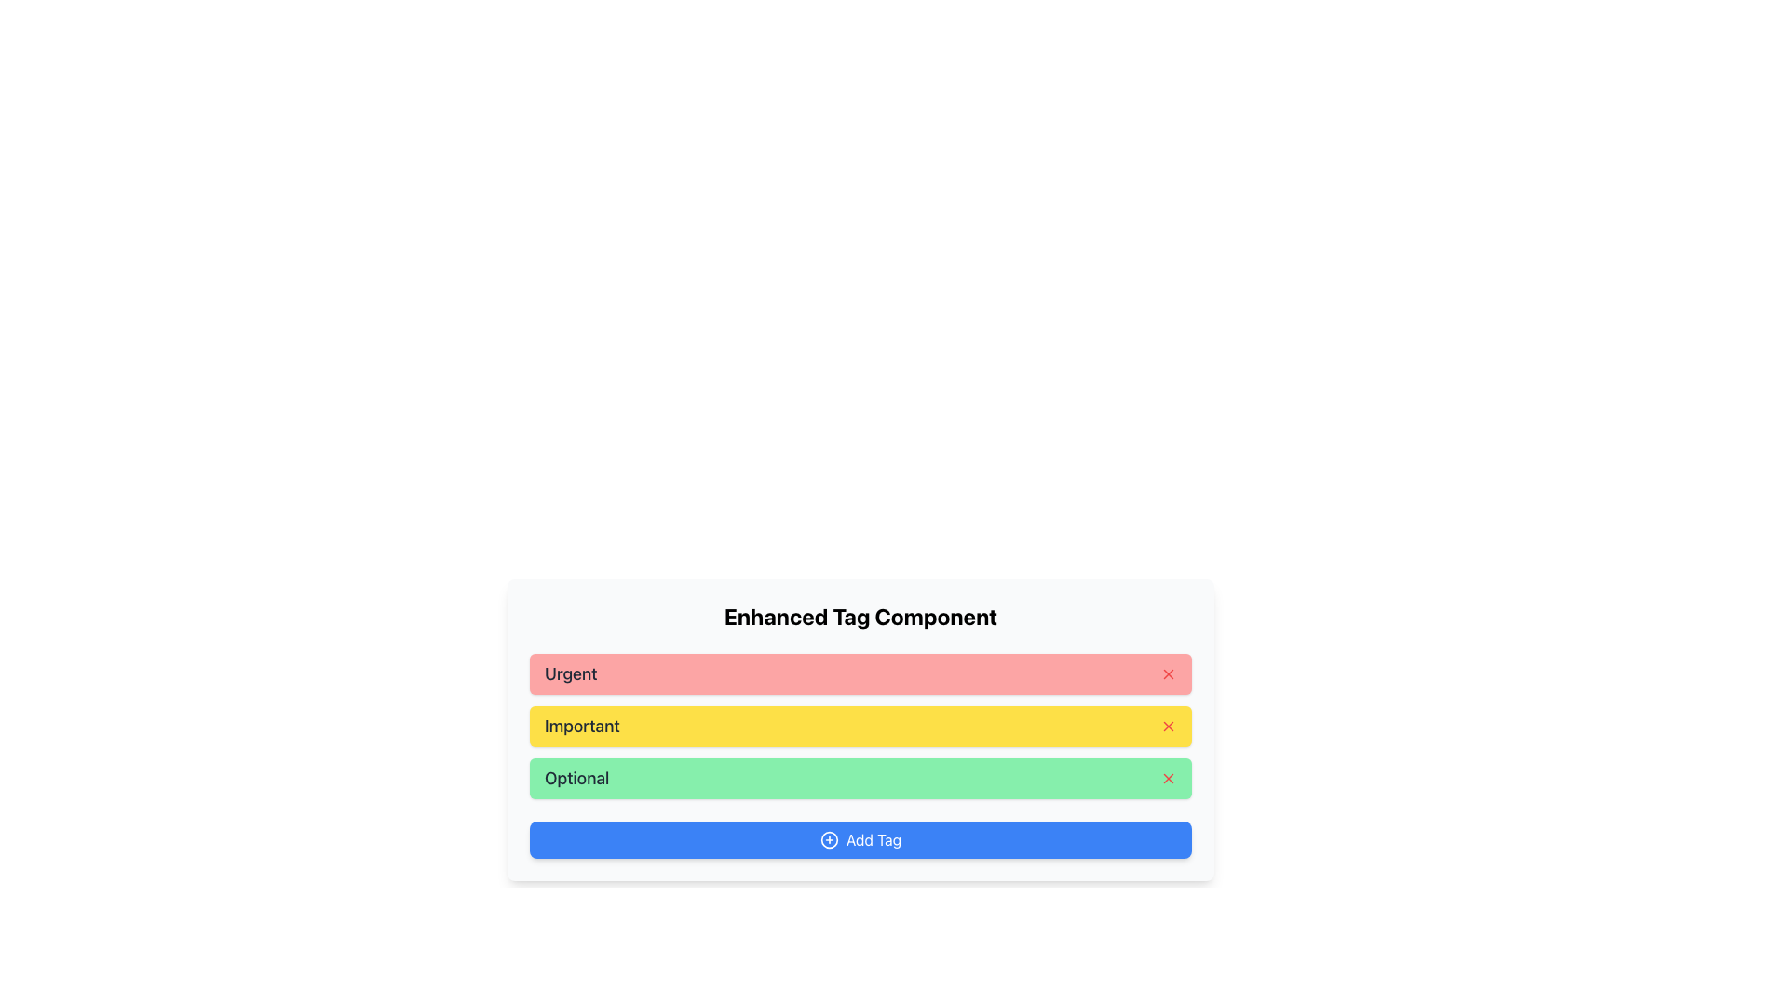  I want to click on the text label that reads 'Optional' in bold, dark gray font, so click(576, 779).